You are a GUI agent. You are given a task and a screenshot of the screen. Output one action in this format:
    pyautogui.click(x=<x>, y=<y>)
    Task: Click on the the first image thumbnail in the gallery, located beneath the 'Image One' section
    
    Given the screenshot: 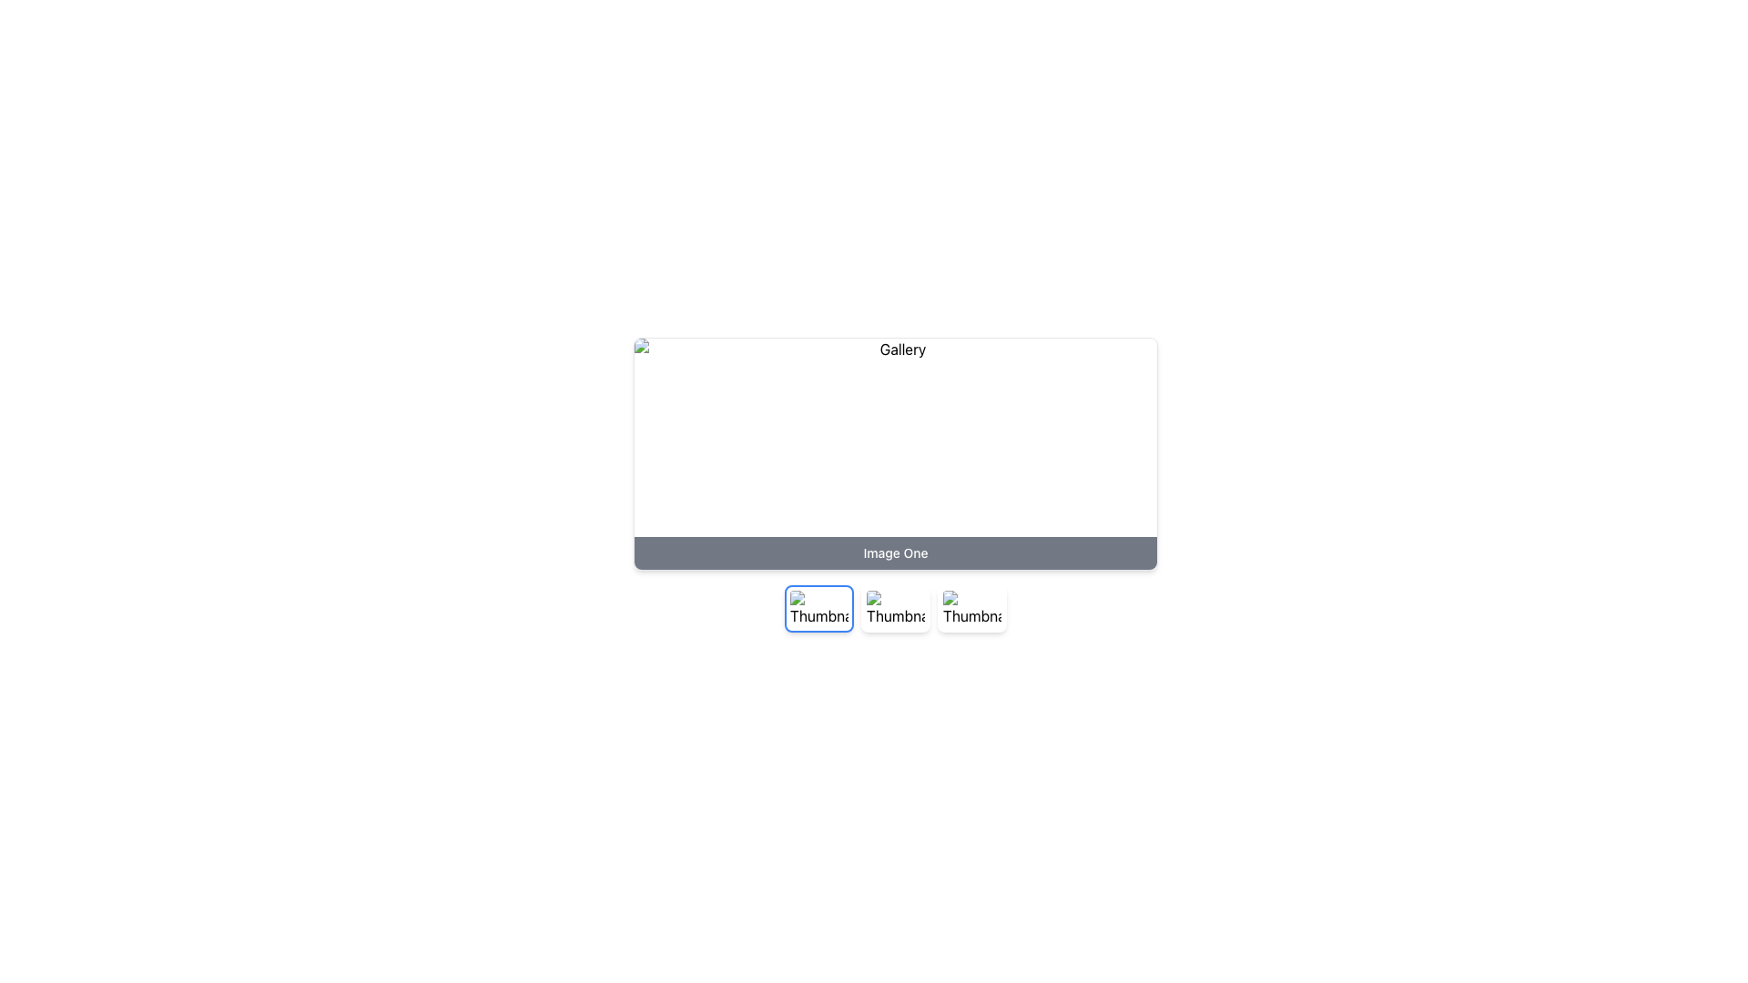 What is the action you would take?
    pyautogui.click(x=818, y=608)
    